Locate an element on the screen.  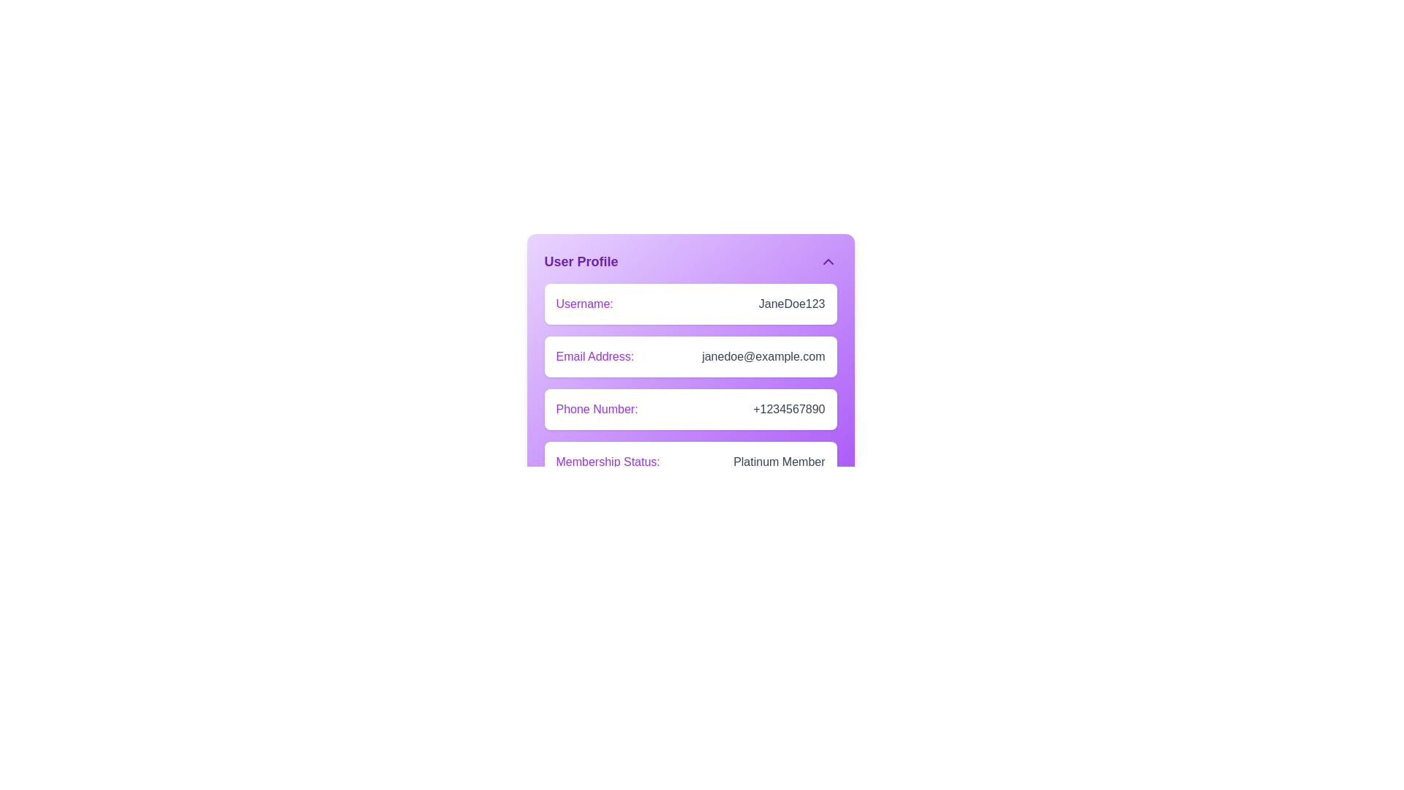
the 'Username' label in the user profile card, which identifies the adjacent username field is located at coordinates (584, 304).